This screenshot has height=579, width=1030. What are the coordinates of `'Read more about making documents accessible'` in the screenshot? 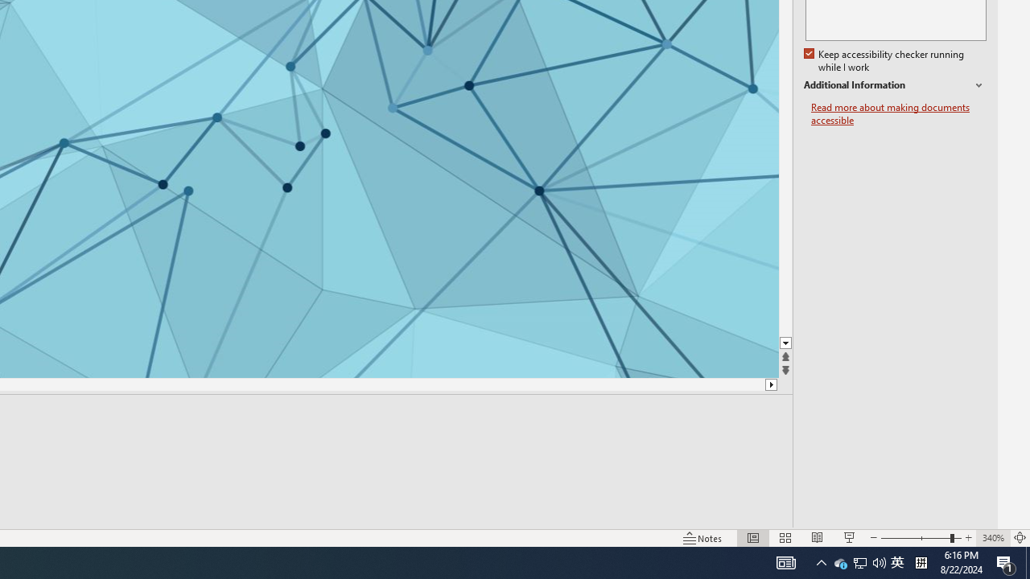 It's located at (898, 113).